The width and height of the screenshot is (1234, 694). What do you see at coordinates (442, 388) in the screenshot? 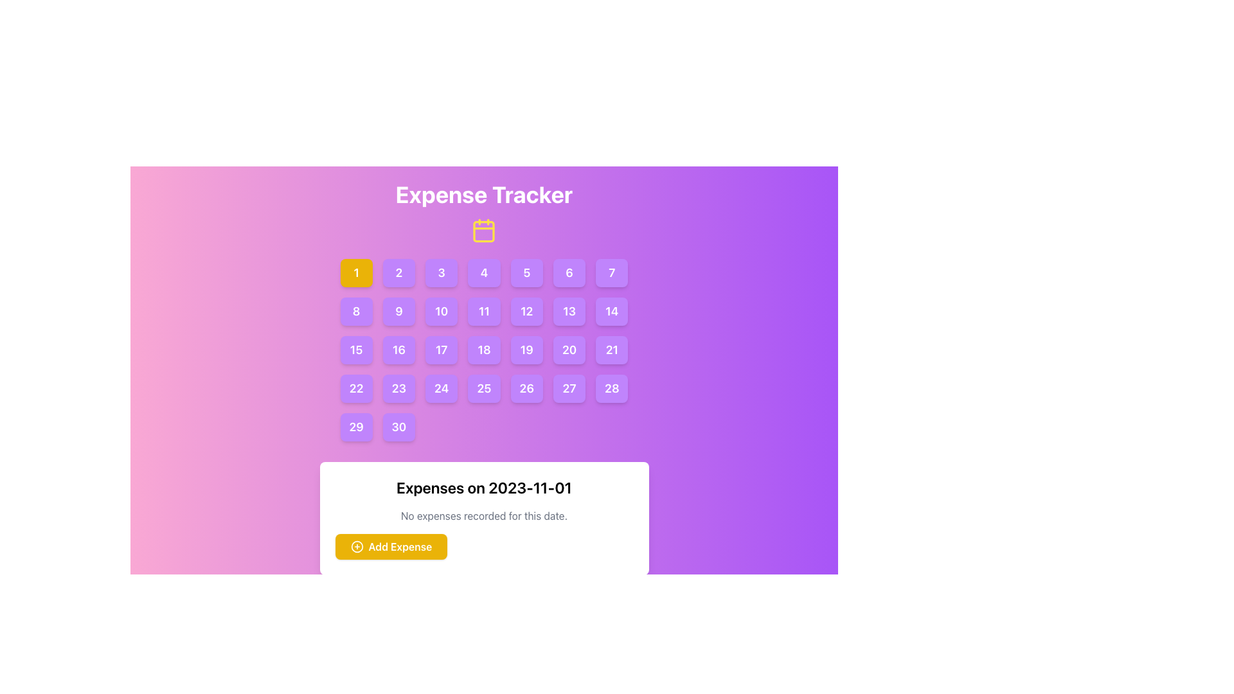
I see `the button corresponding to the 24th day of the month in the calendar interface` at bounding box center [442, 388].